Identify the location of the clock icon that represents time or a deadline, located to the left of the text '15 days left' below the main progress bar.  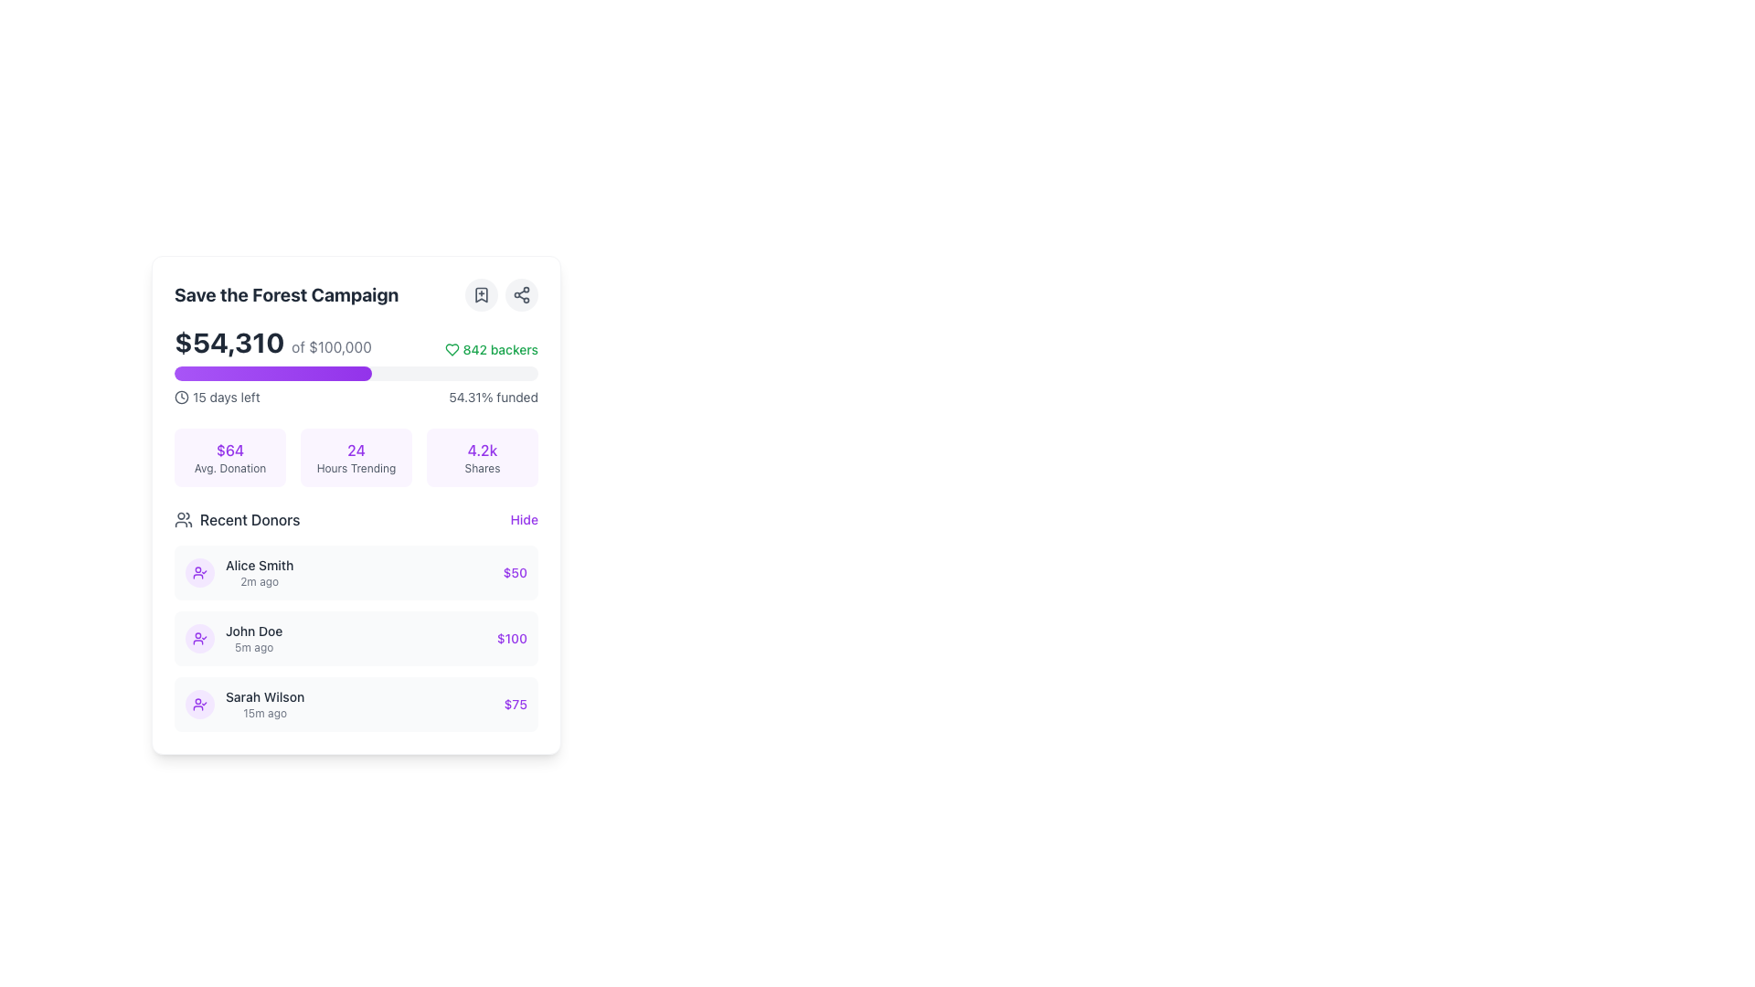
(181, 397).